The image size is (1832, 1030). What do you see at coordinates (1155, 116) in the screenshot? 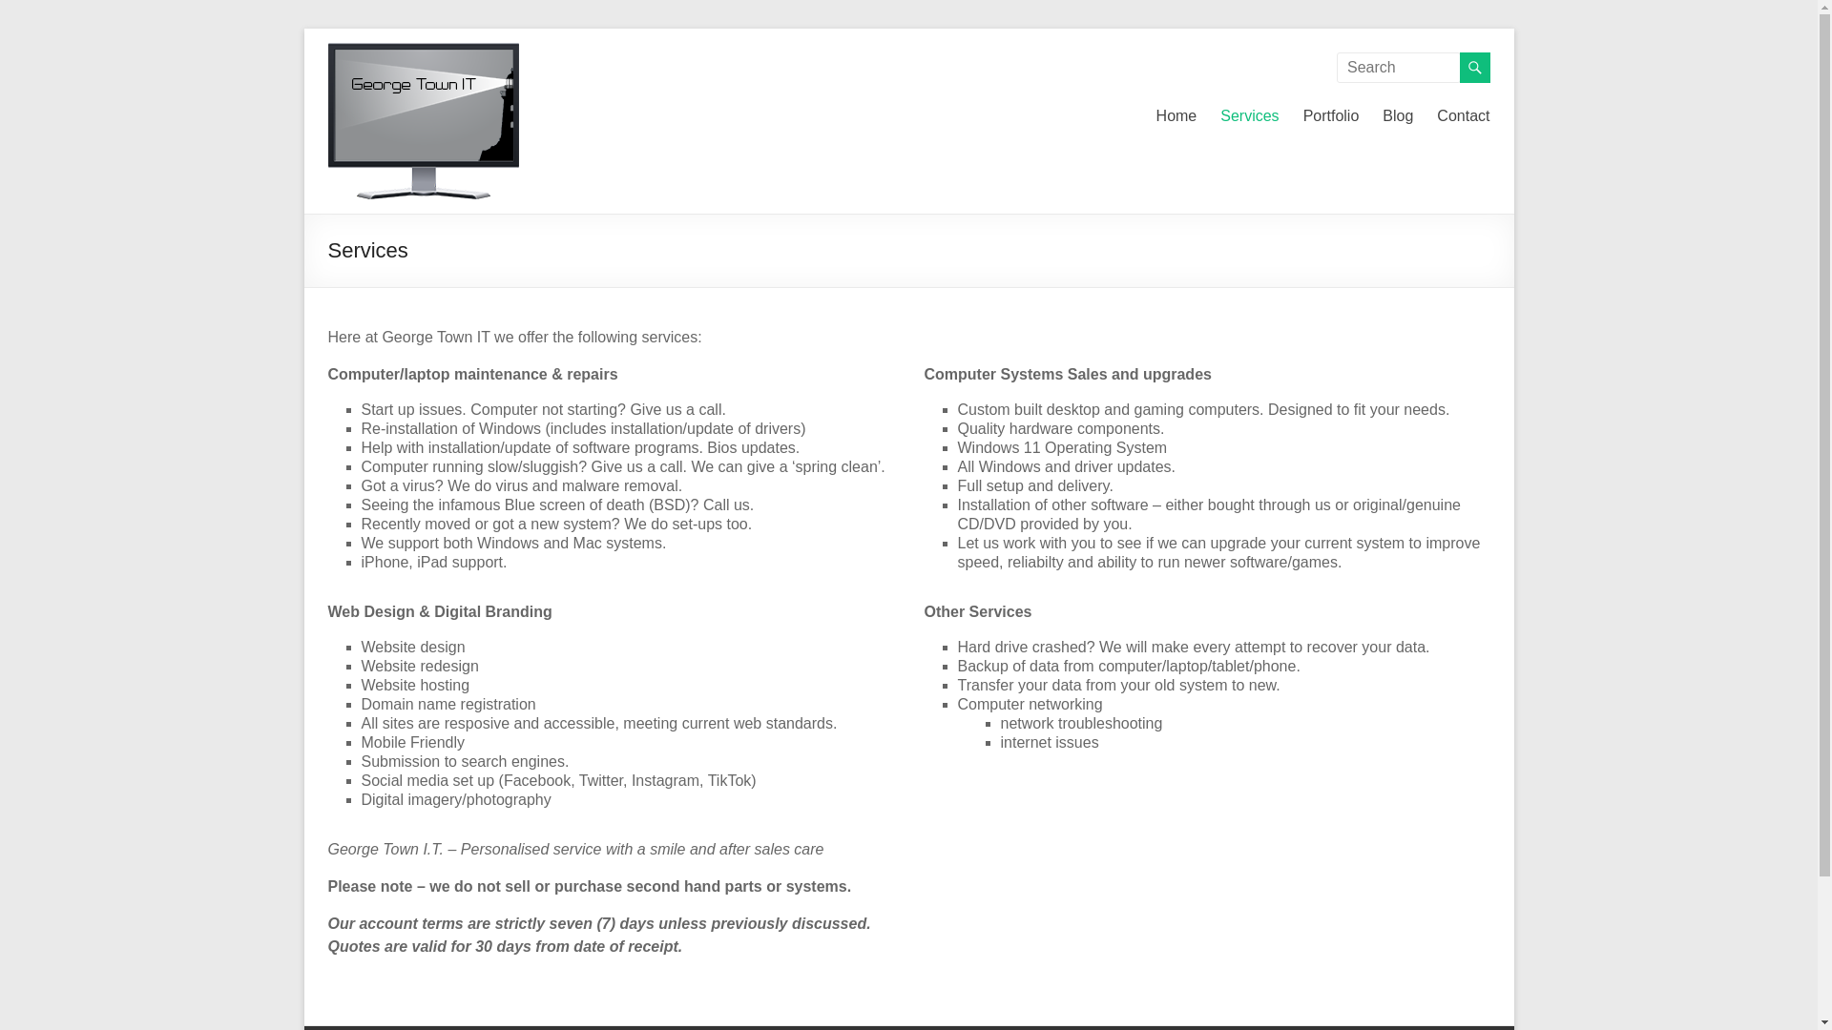
I see `'Home'` at bounding box center [1155, 116].